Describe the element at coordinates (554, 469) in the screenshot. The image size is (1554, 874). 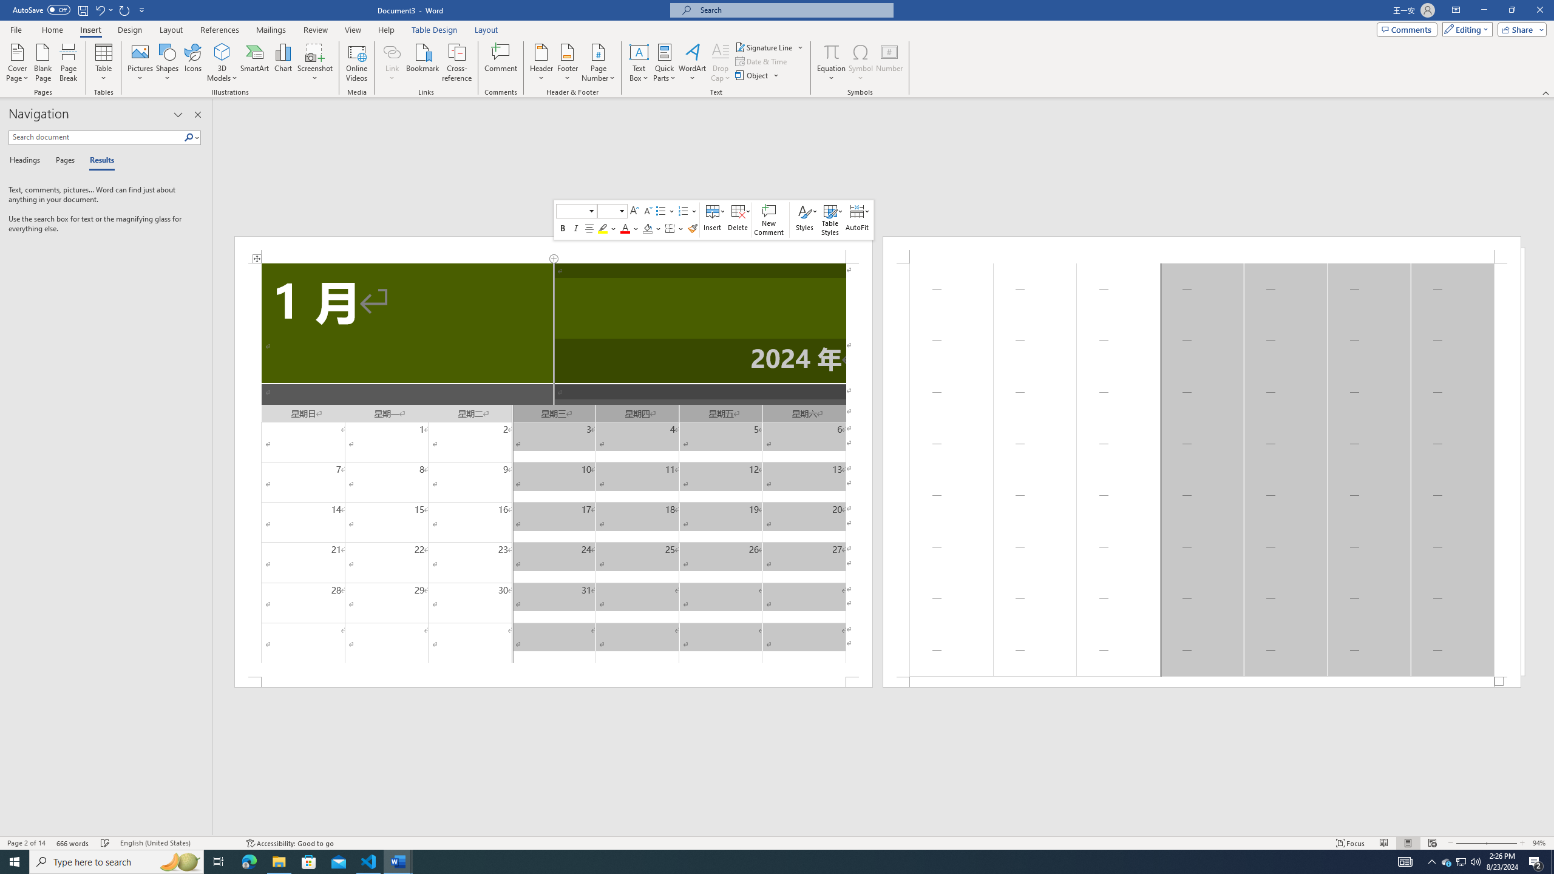
I see `'Page 1 content'` at that location.